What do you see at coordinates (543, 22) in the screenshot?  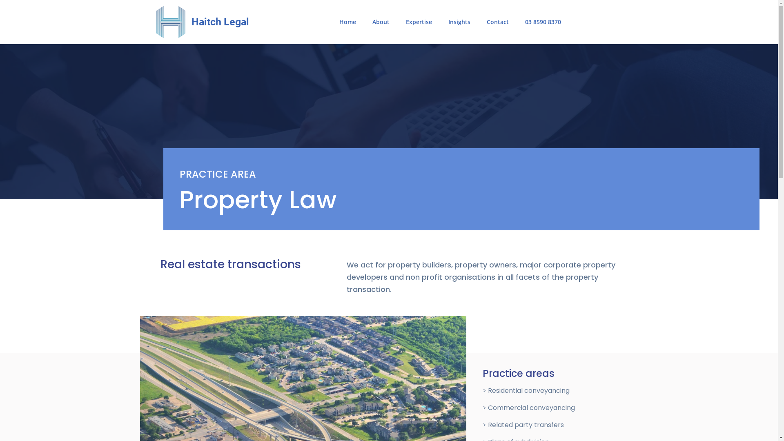 I see `'03 8590 8370'` at bounding box center [543, 22].